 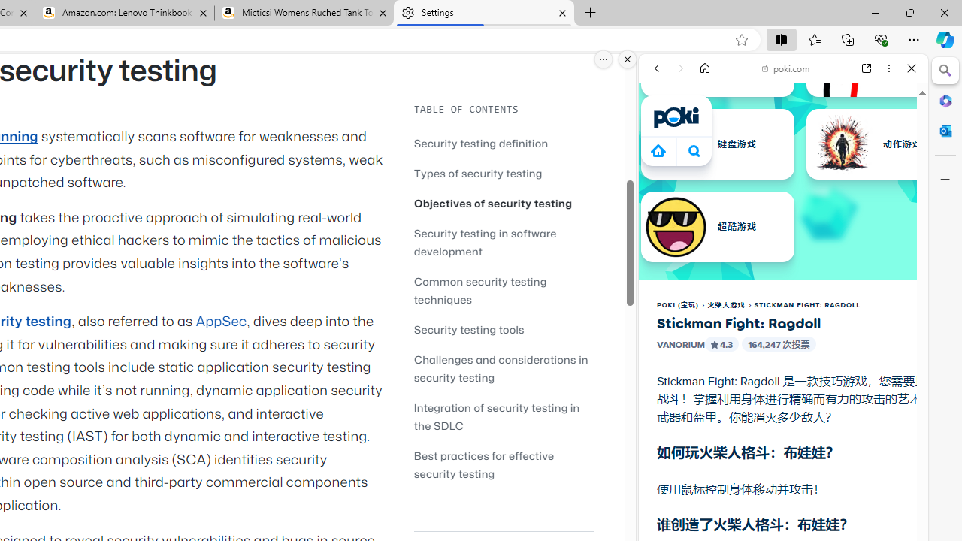 I want to click on 'Types of security testing', so click(x=477, y=172).